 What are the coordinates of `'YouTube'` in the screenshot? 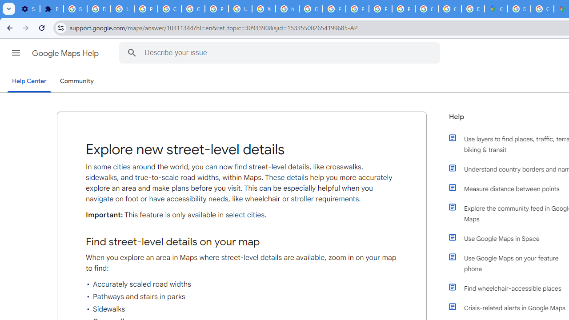 It's located at (263, 9).